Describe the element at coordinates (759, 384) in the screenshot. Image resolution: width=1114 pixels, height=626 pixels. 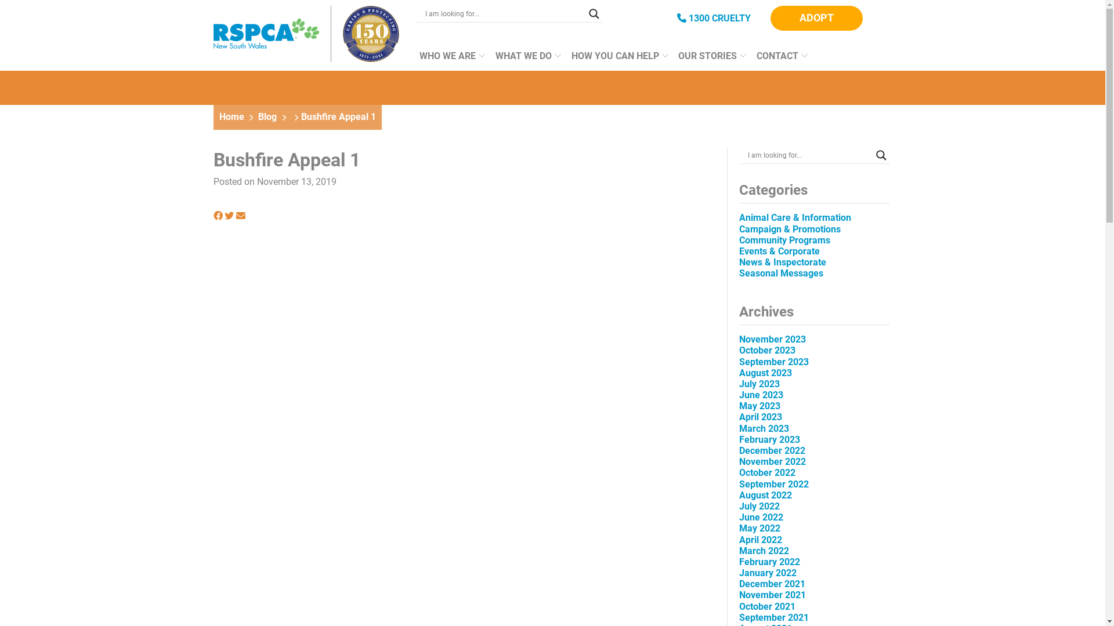
I see `'July 2023'` at that location.